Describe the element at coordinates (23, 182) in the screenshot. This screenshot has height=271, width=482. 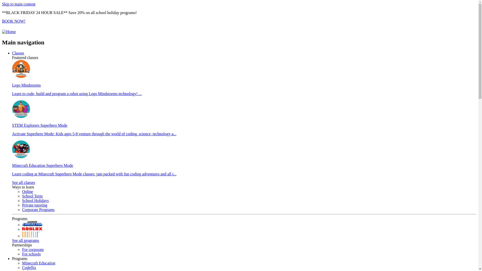
I see `'See all classes'` at that location.